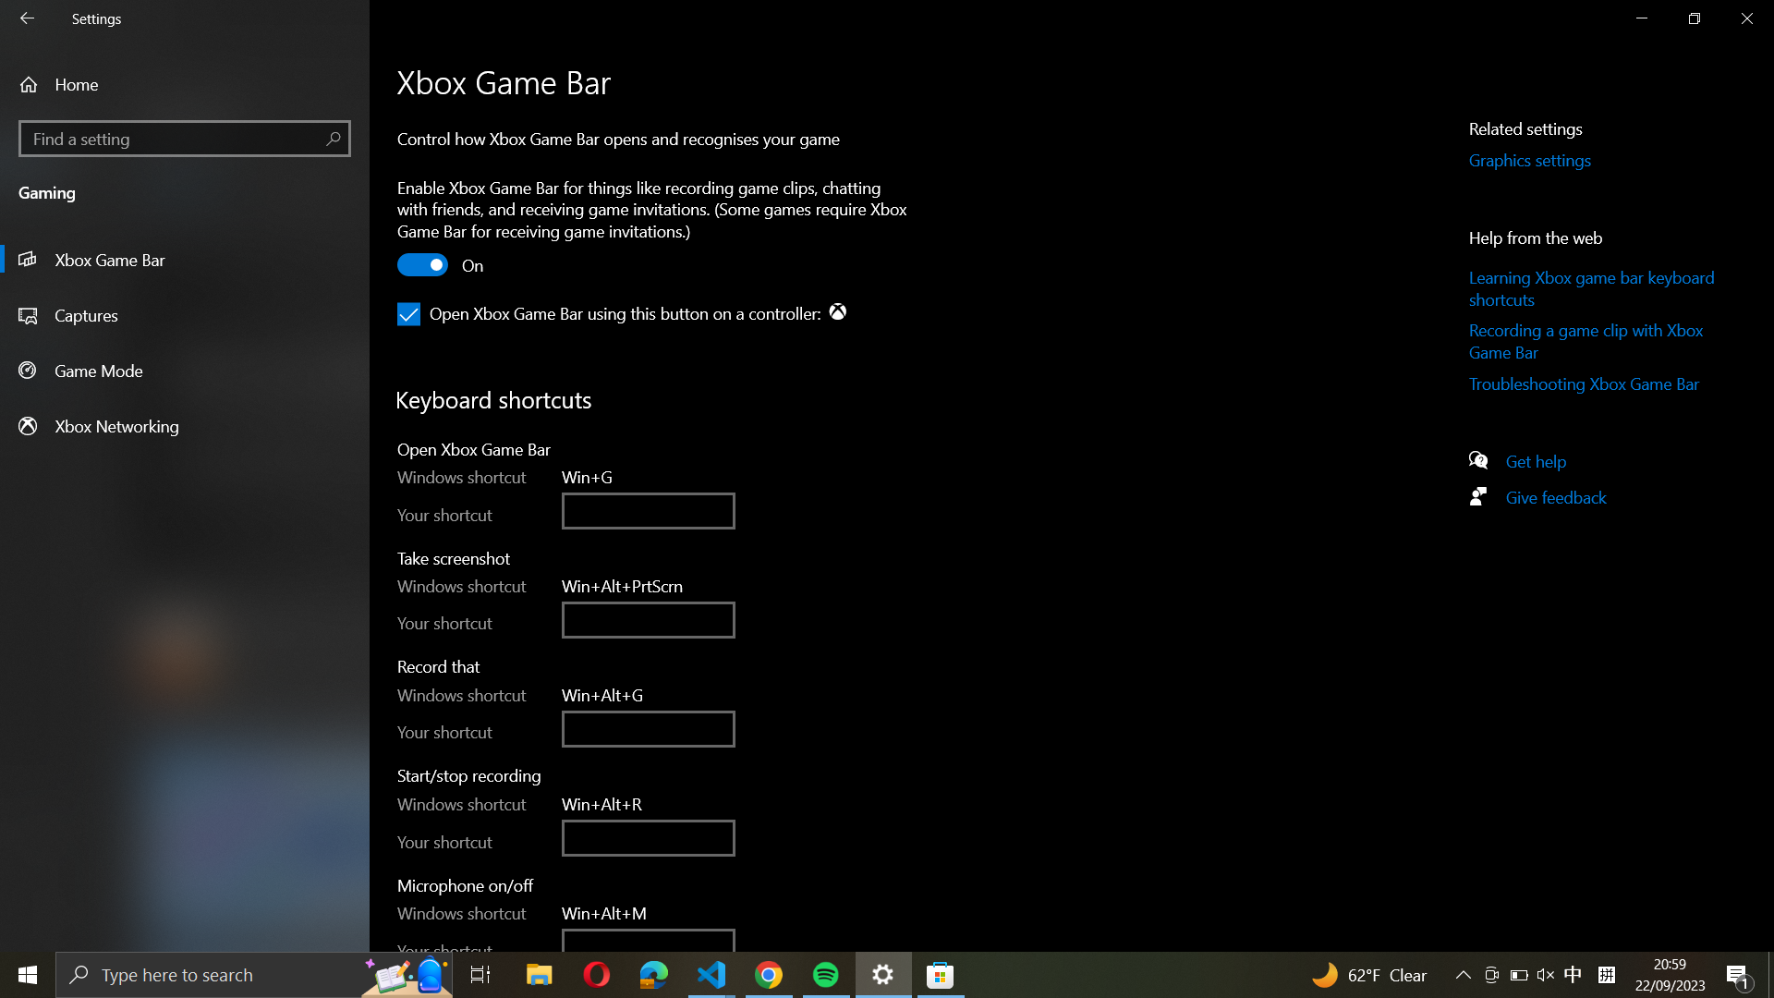  What do you see at coordinates (1551, 160) in the screenshot?
I see `the Graphics Settings by clicking on the button on the right panel` at bounding box center [1551, 160].